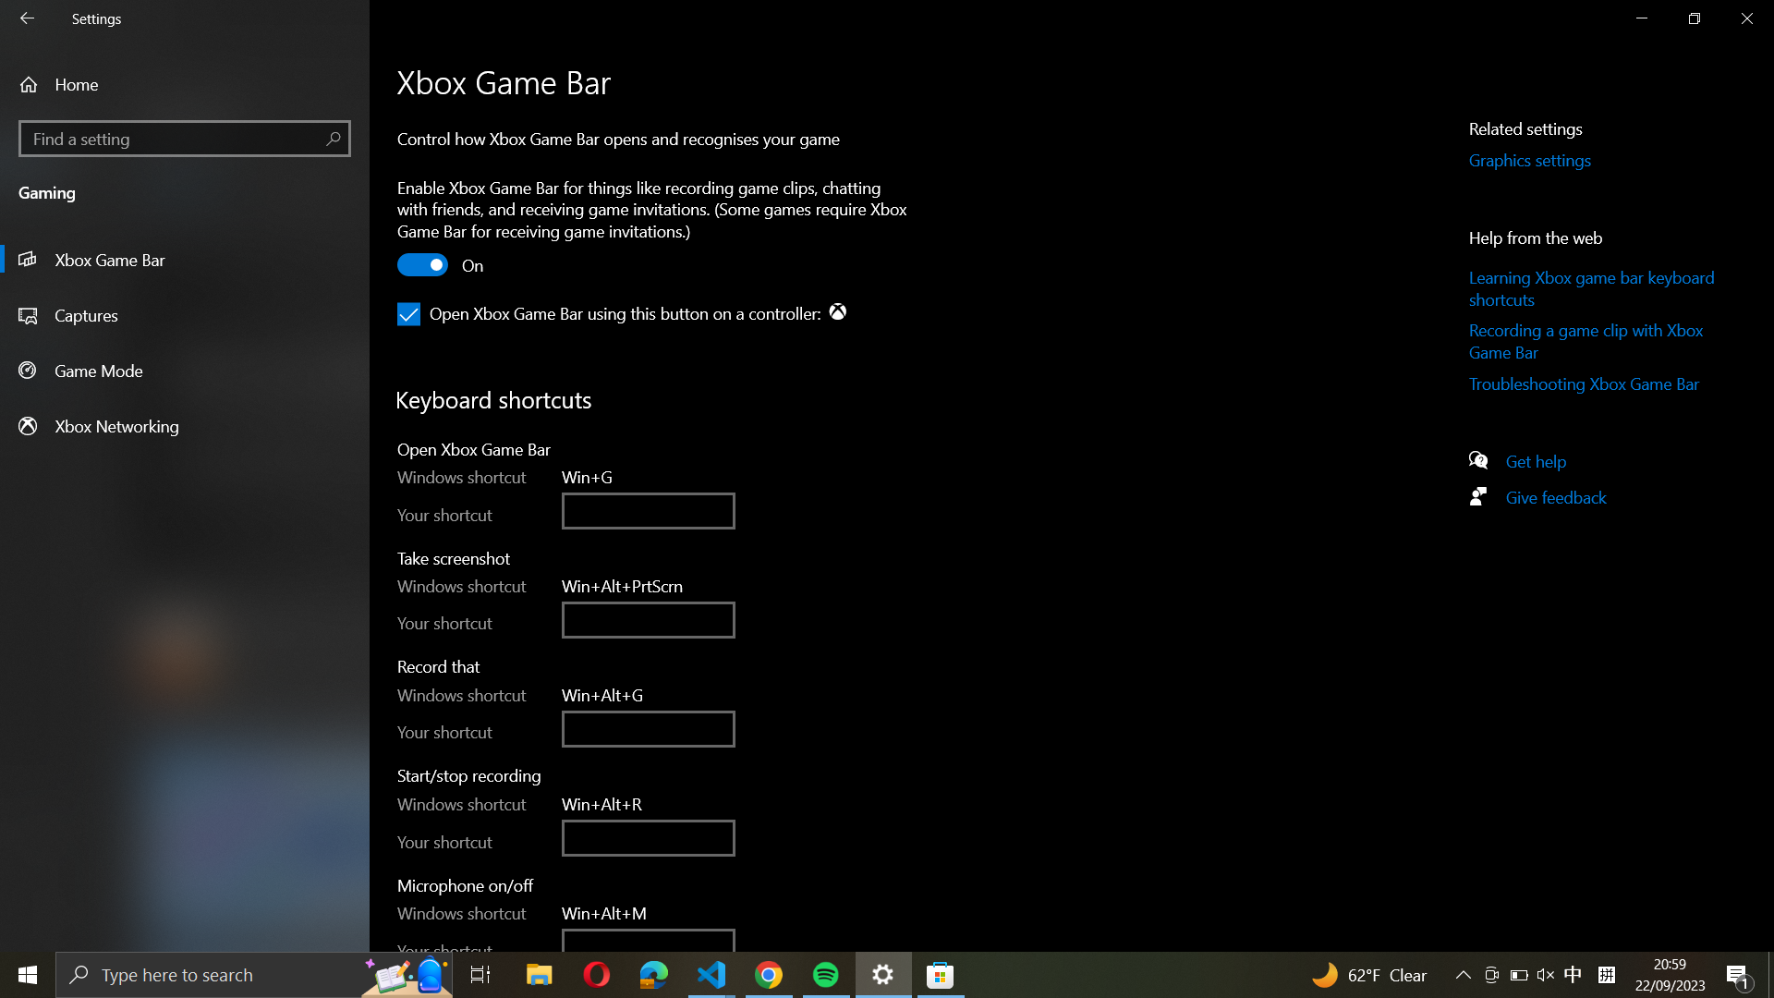  What do you see at coordinates (1551, 160) in the screenshot?
I see `the Graphics Settings by clicking on the button on the right panel` at bounding box center [1551, 160].